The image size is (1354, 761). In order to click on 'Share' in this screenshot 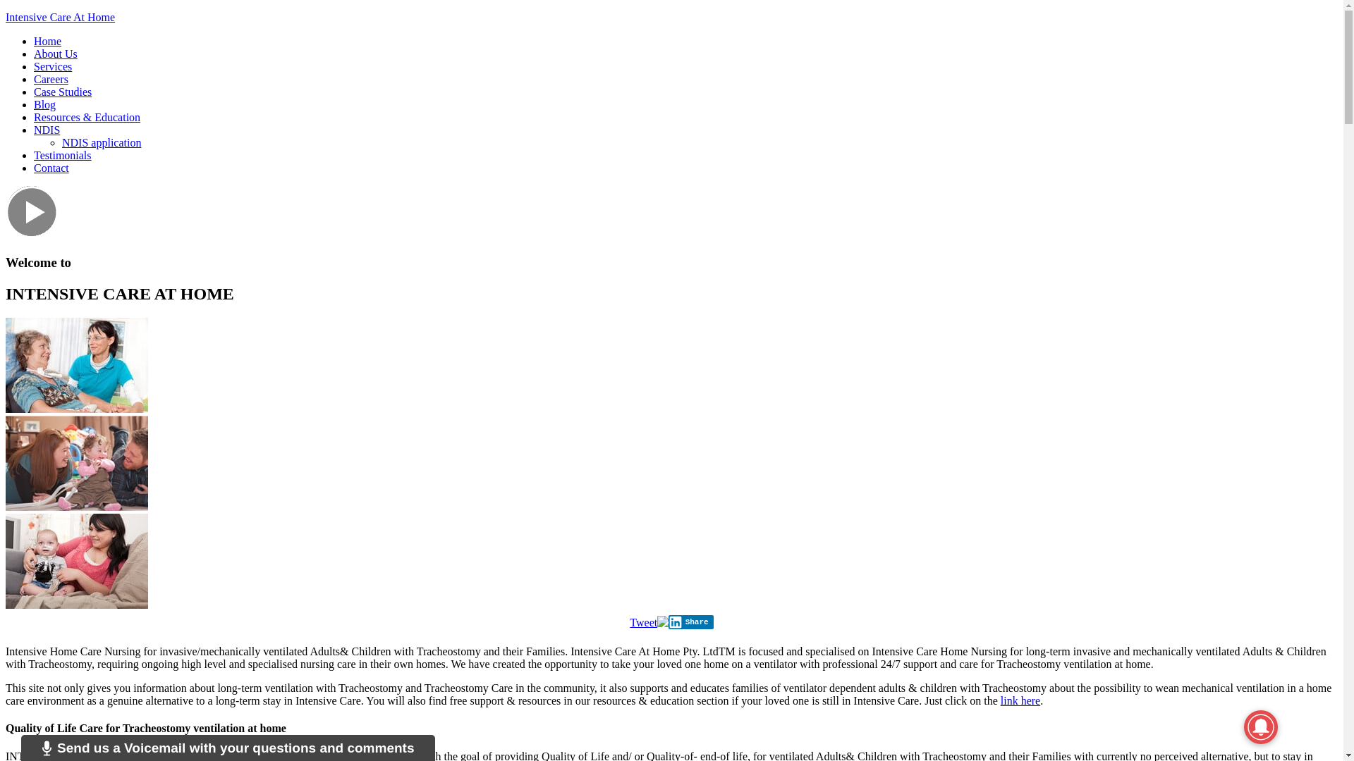, I will do `click(690, 621)`.